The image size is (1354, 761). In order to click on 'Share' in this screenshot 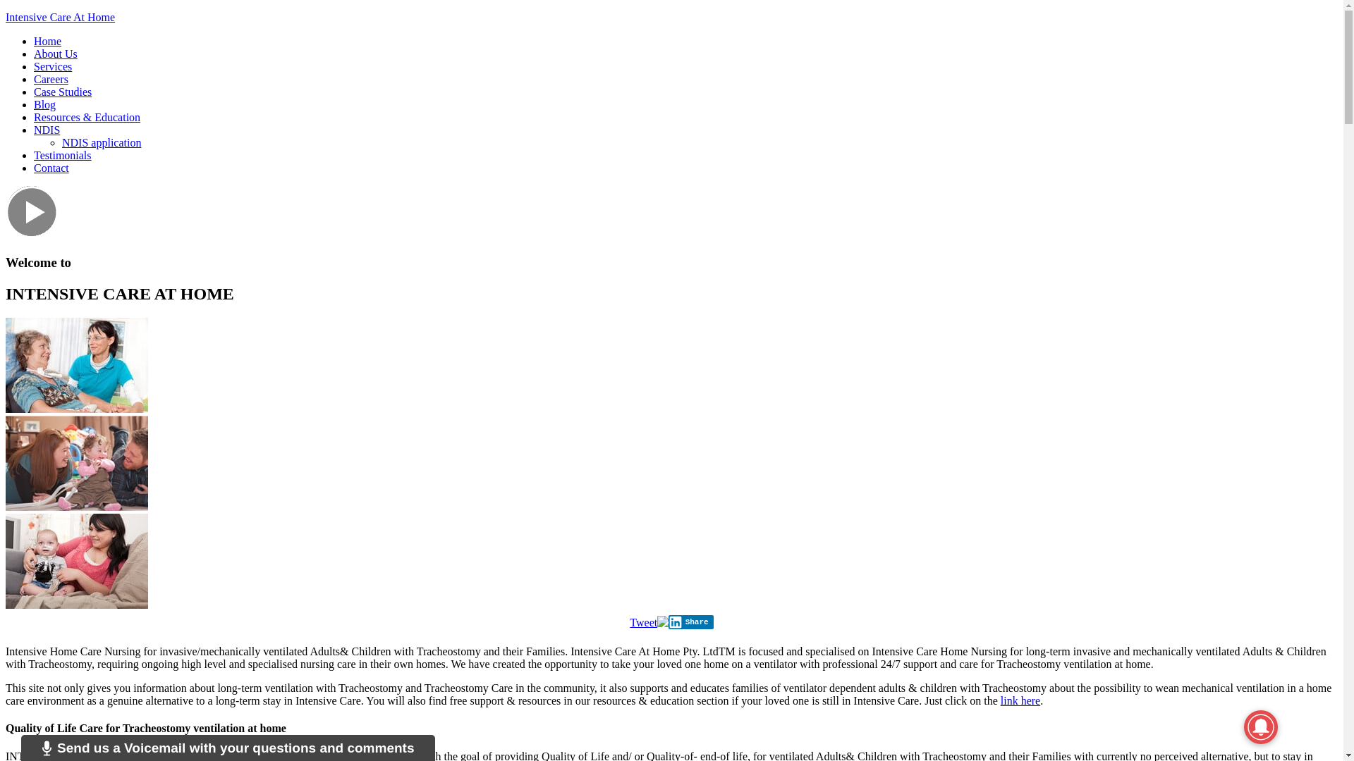, I will do `click(690, 621)`.